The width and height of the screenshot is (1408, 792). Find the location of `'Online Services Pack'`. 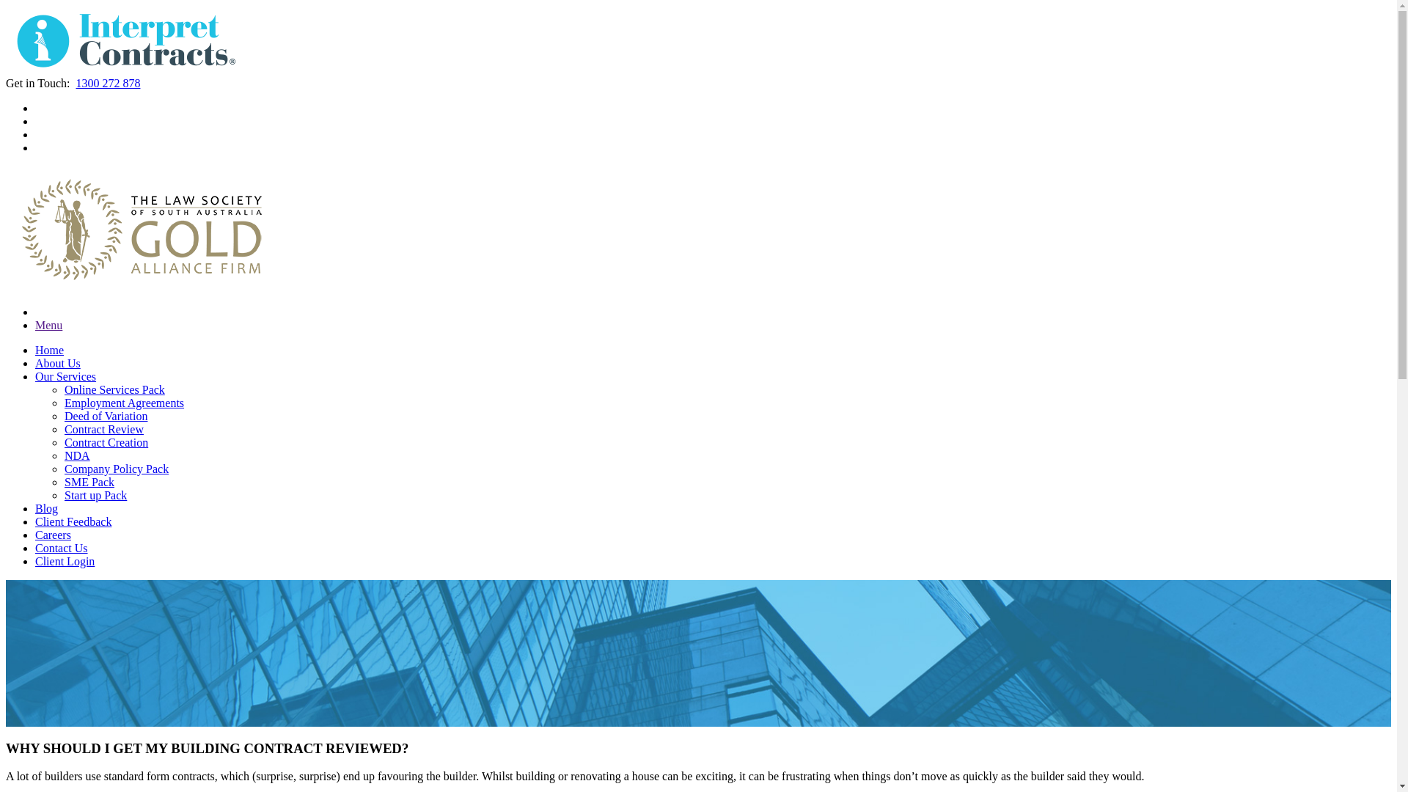

'Online Services Pack' is located at coordinates (114, 389).